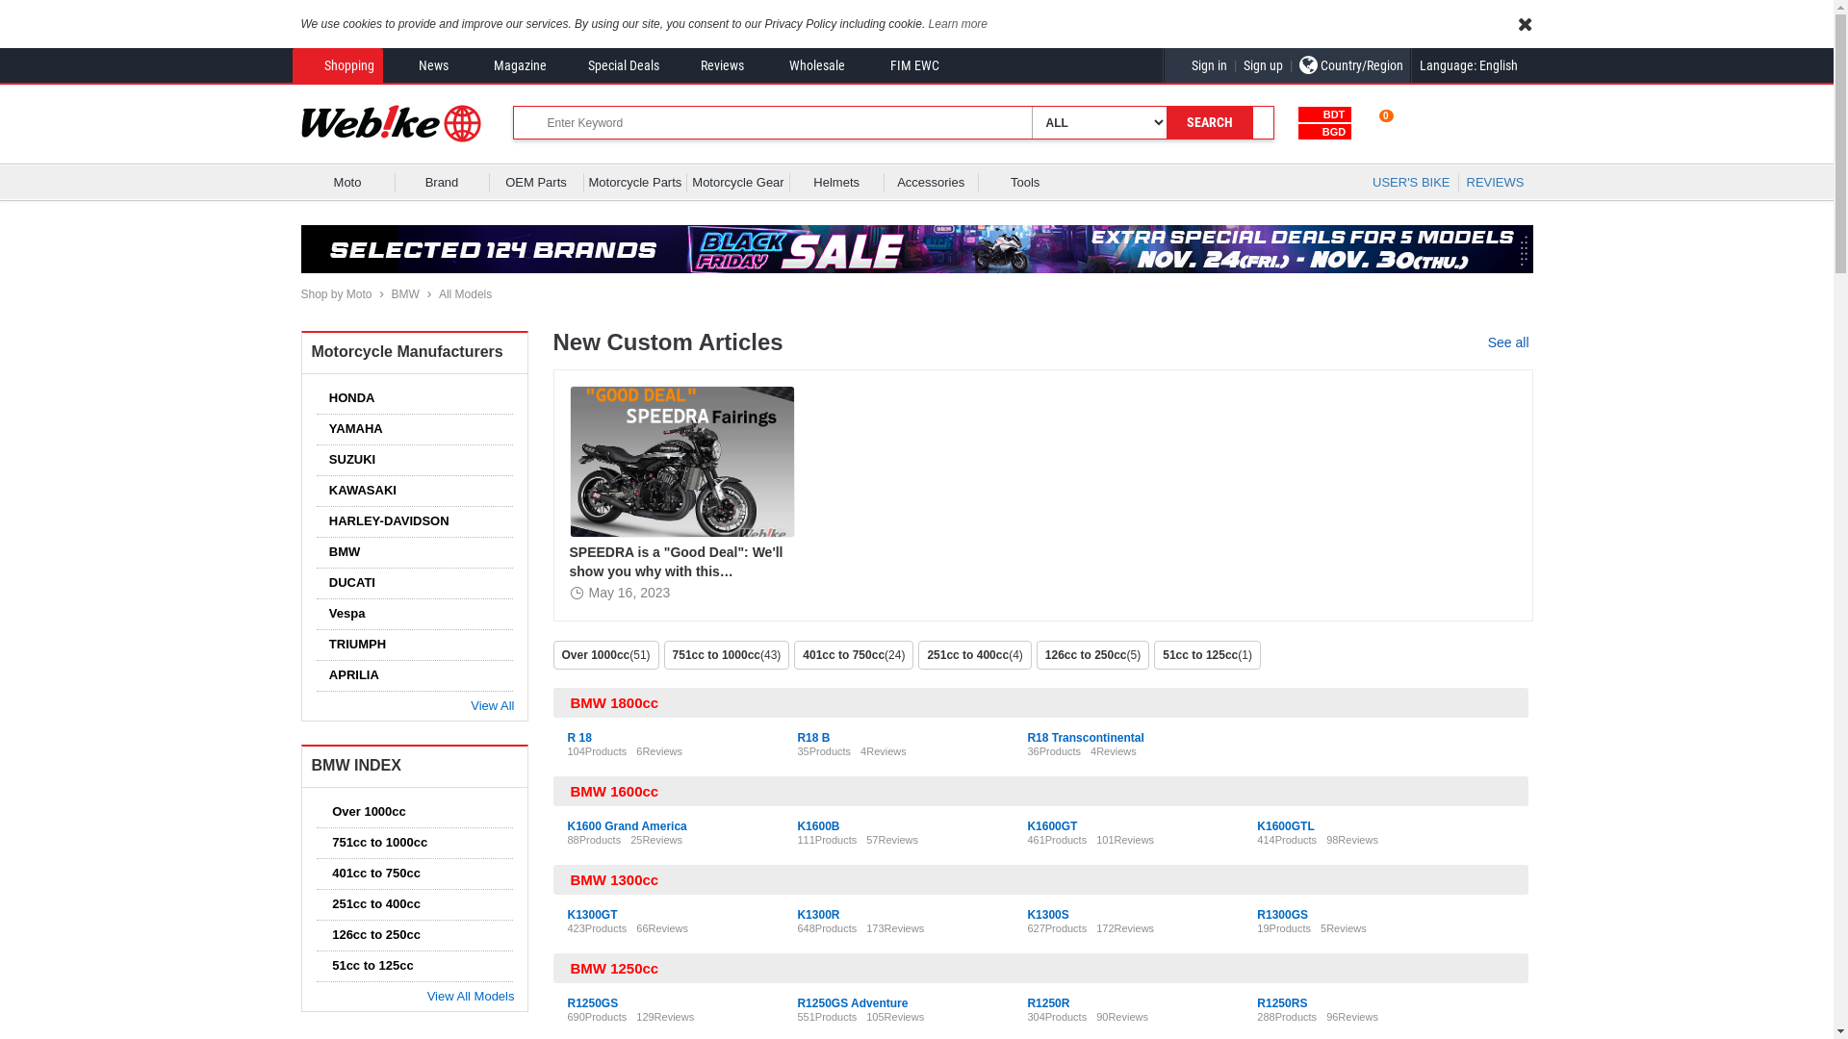 This screenshot has height=1039, width=1848. Describe the element at coordinates (1285, 825) in the screenshot. I see `'K1600GTL'` at that location.